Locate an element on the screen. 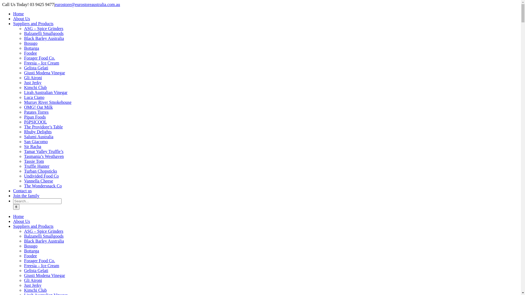  'Home' is located at coordinates (13, 216).